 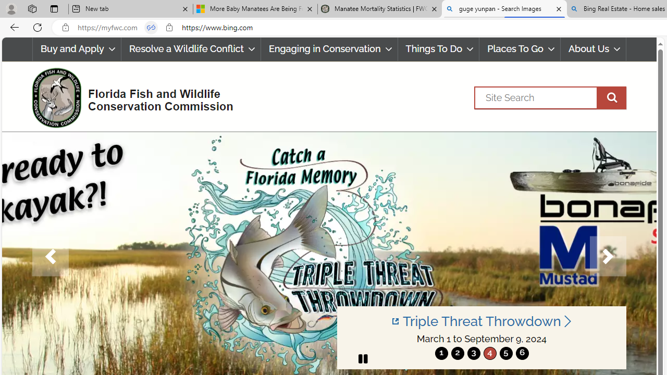 I want to click on 'Resolve a Wildlife Conflict', so click(x=191, y=49).